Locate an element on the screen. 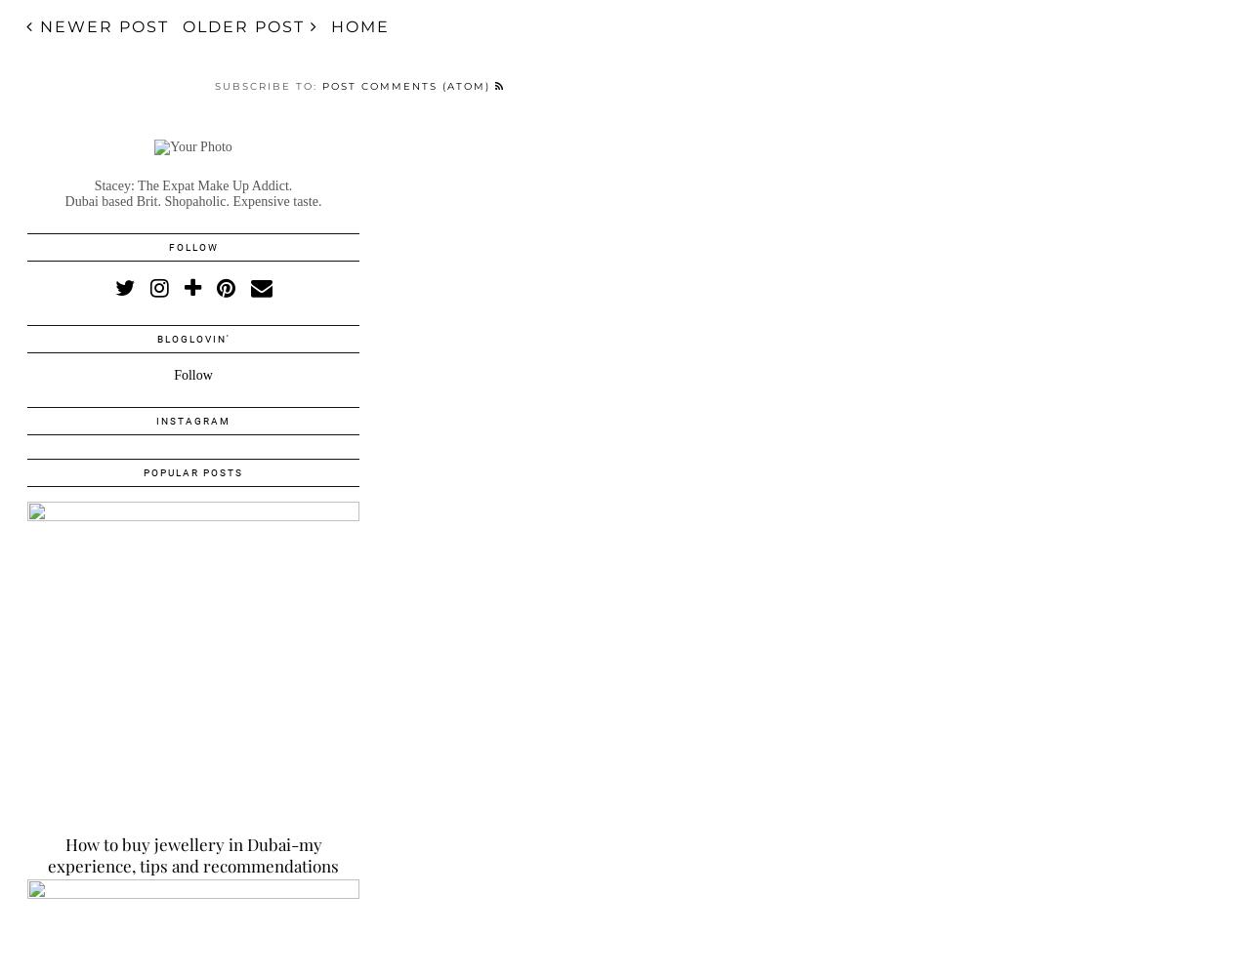 This screenshot has width=1258, height=976. 'Subscribe to:' is located at coordinates (267, 84).